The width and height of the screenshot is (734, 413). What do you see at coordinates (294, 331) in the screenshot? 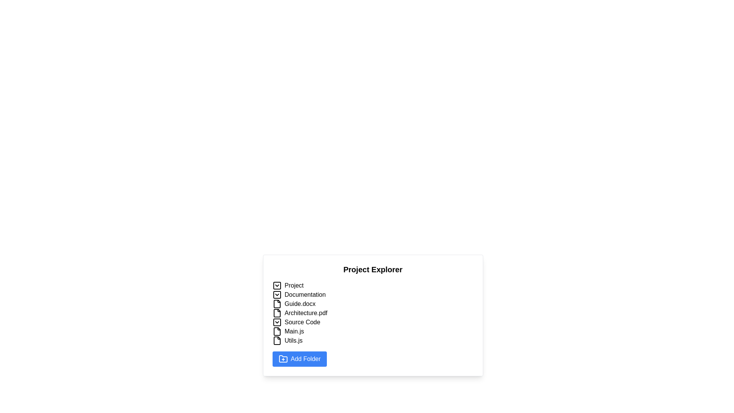
I see `the file named 'Main.js' located in the file tree structure under 'Source Code'` at bounding box center [294, 331].